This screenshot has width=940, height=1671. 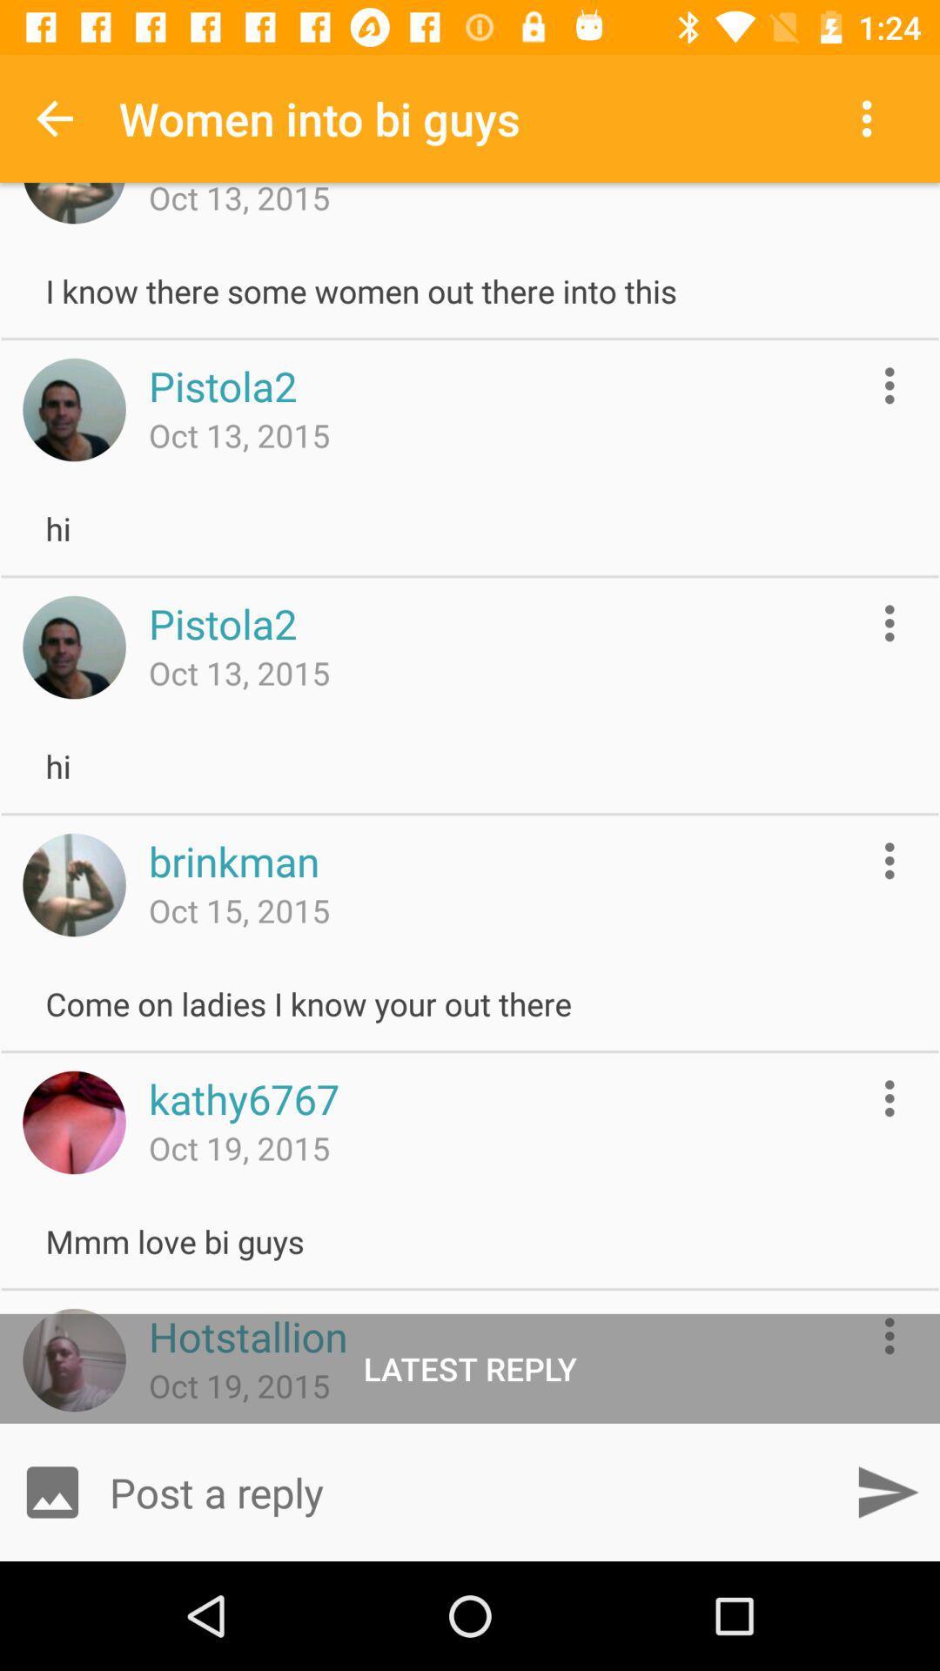 What do you see at coordinates (244, 1097) in the screenshot?
I see `icon above oct 19, 2015 item` at bounding box center [244, 1097].